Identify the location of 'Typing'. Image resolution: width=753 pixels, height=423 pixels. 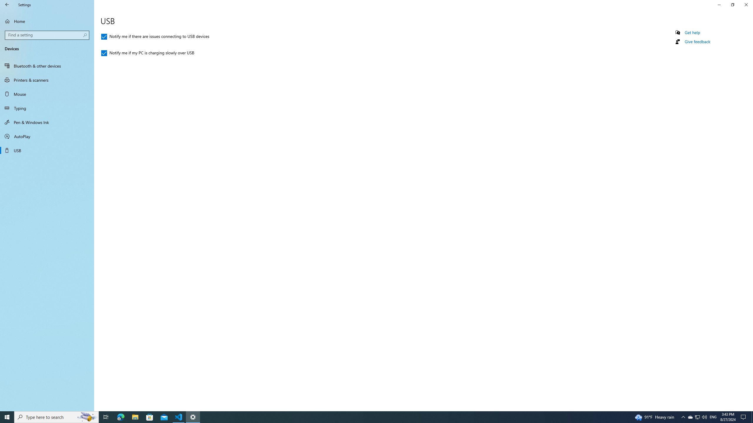
(47, 108).